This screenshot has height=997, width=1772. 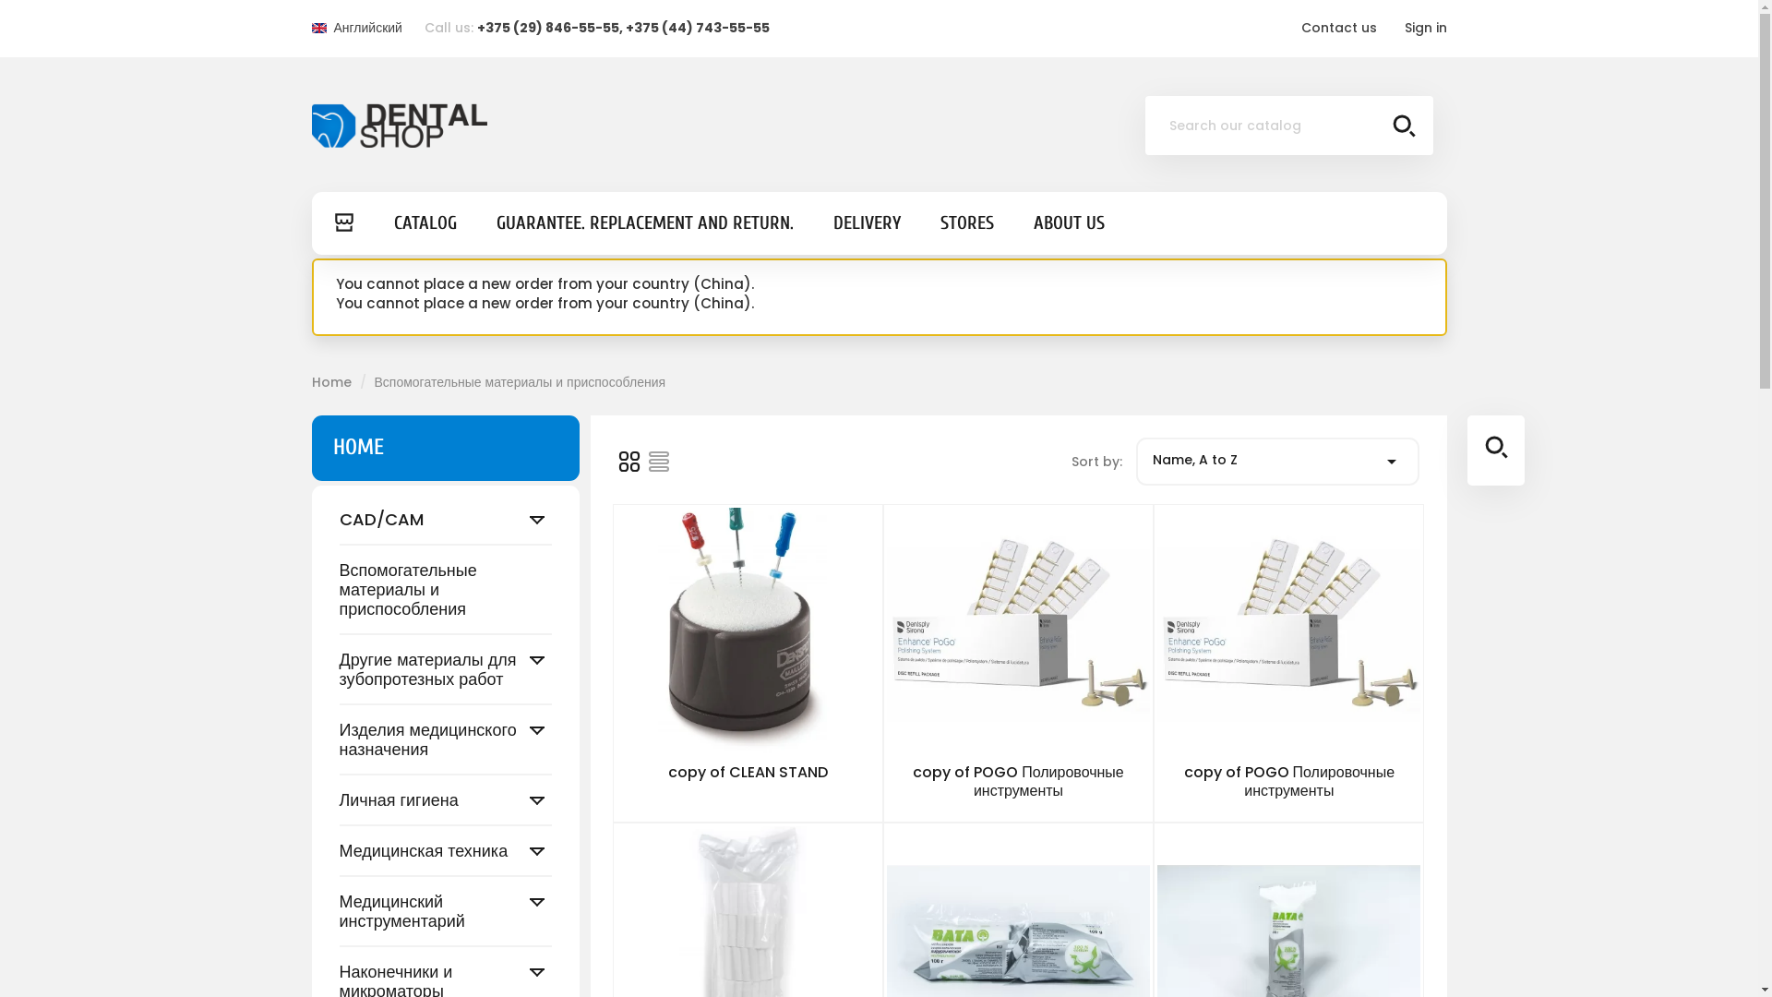 I want to click on 'HOME', so click(x=357, y=447).